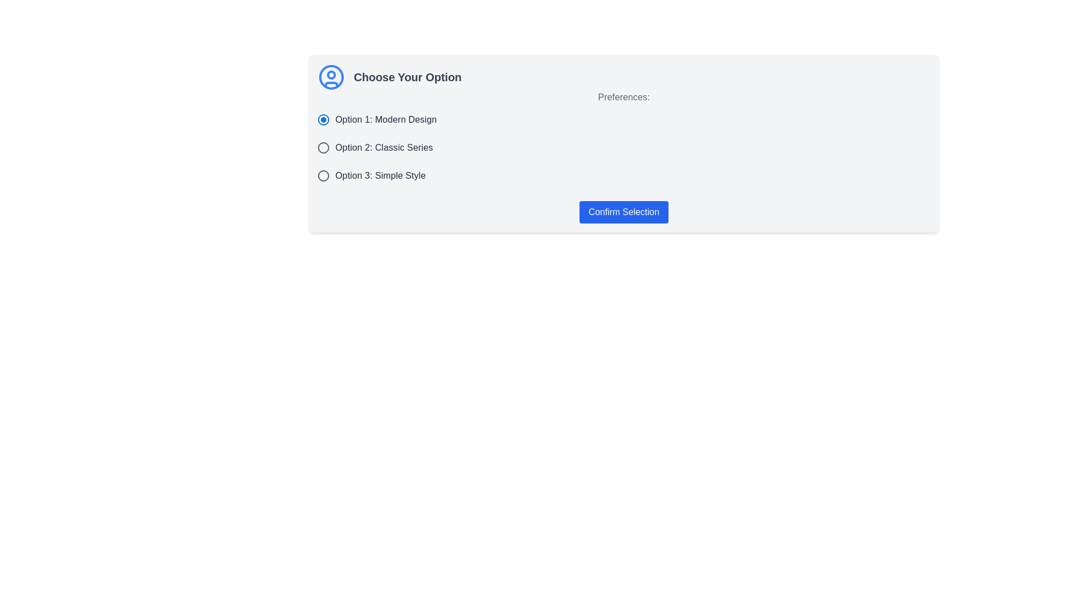 This screenshot has height=605, width=1075. Describe the element at coordinates (330, 77) in the screenshot. I see `the largest circular outline in the user icon graphic, positioned to the left of the 'Choose Your Option' text header` at that location.